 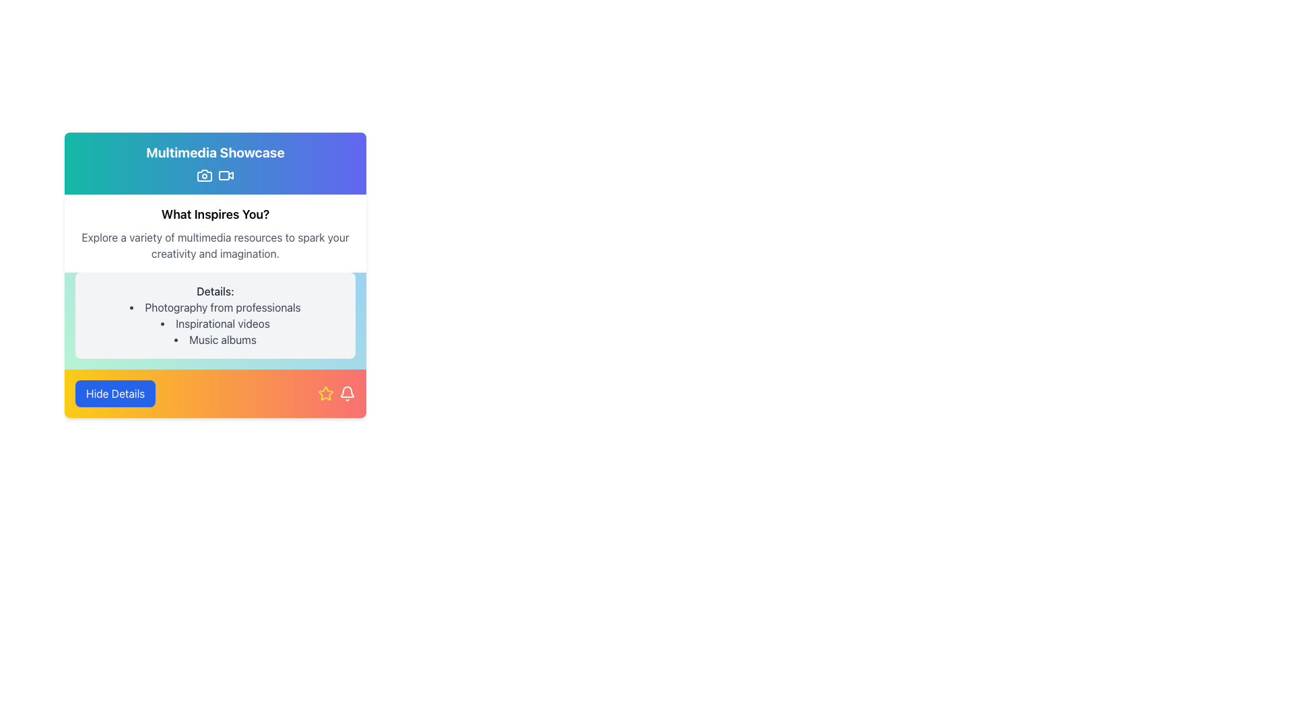 What do you see at coordinates (224, 175) in the screenshot?
I see `the blue rectangular element with rounded corners located inside the video-related SVG icon in the upper-right section of the card` at bounding box center [224, 175].